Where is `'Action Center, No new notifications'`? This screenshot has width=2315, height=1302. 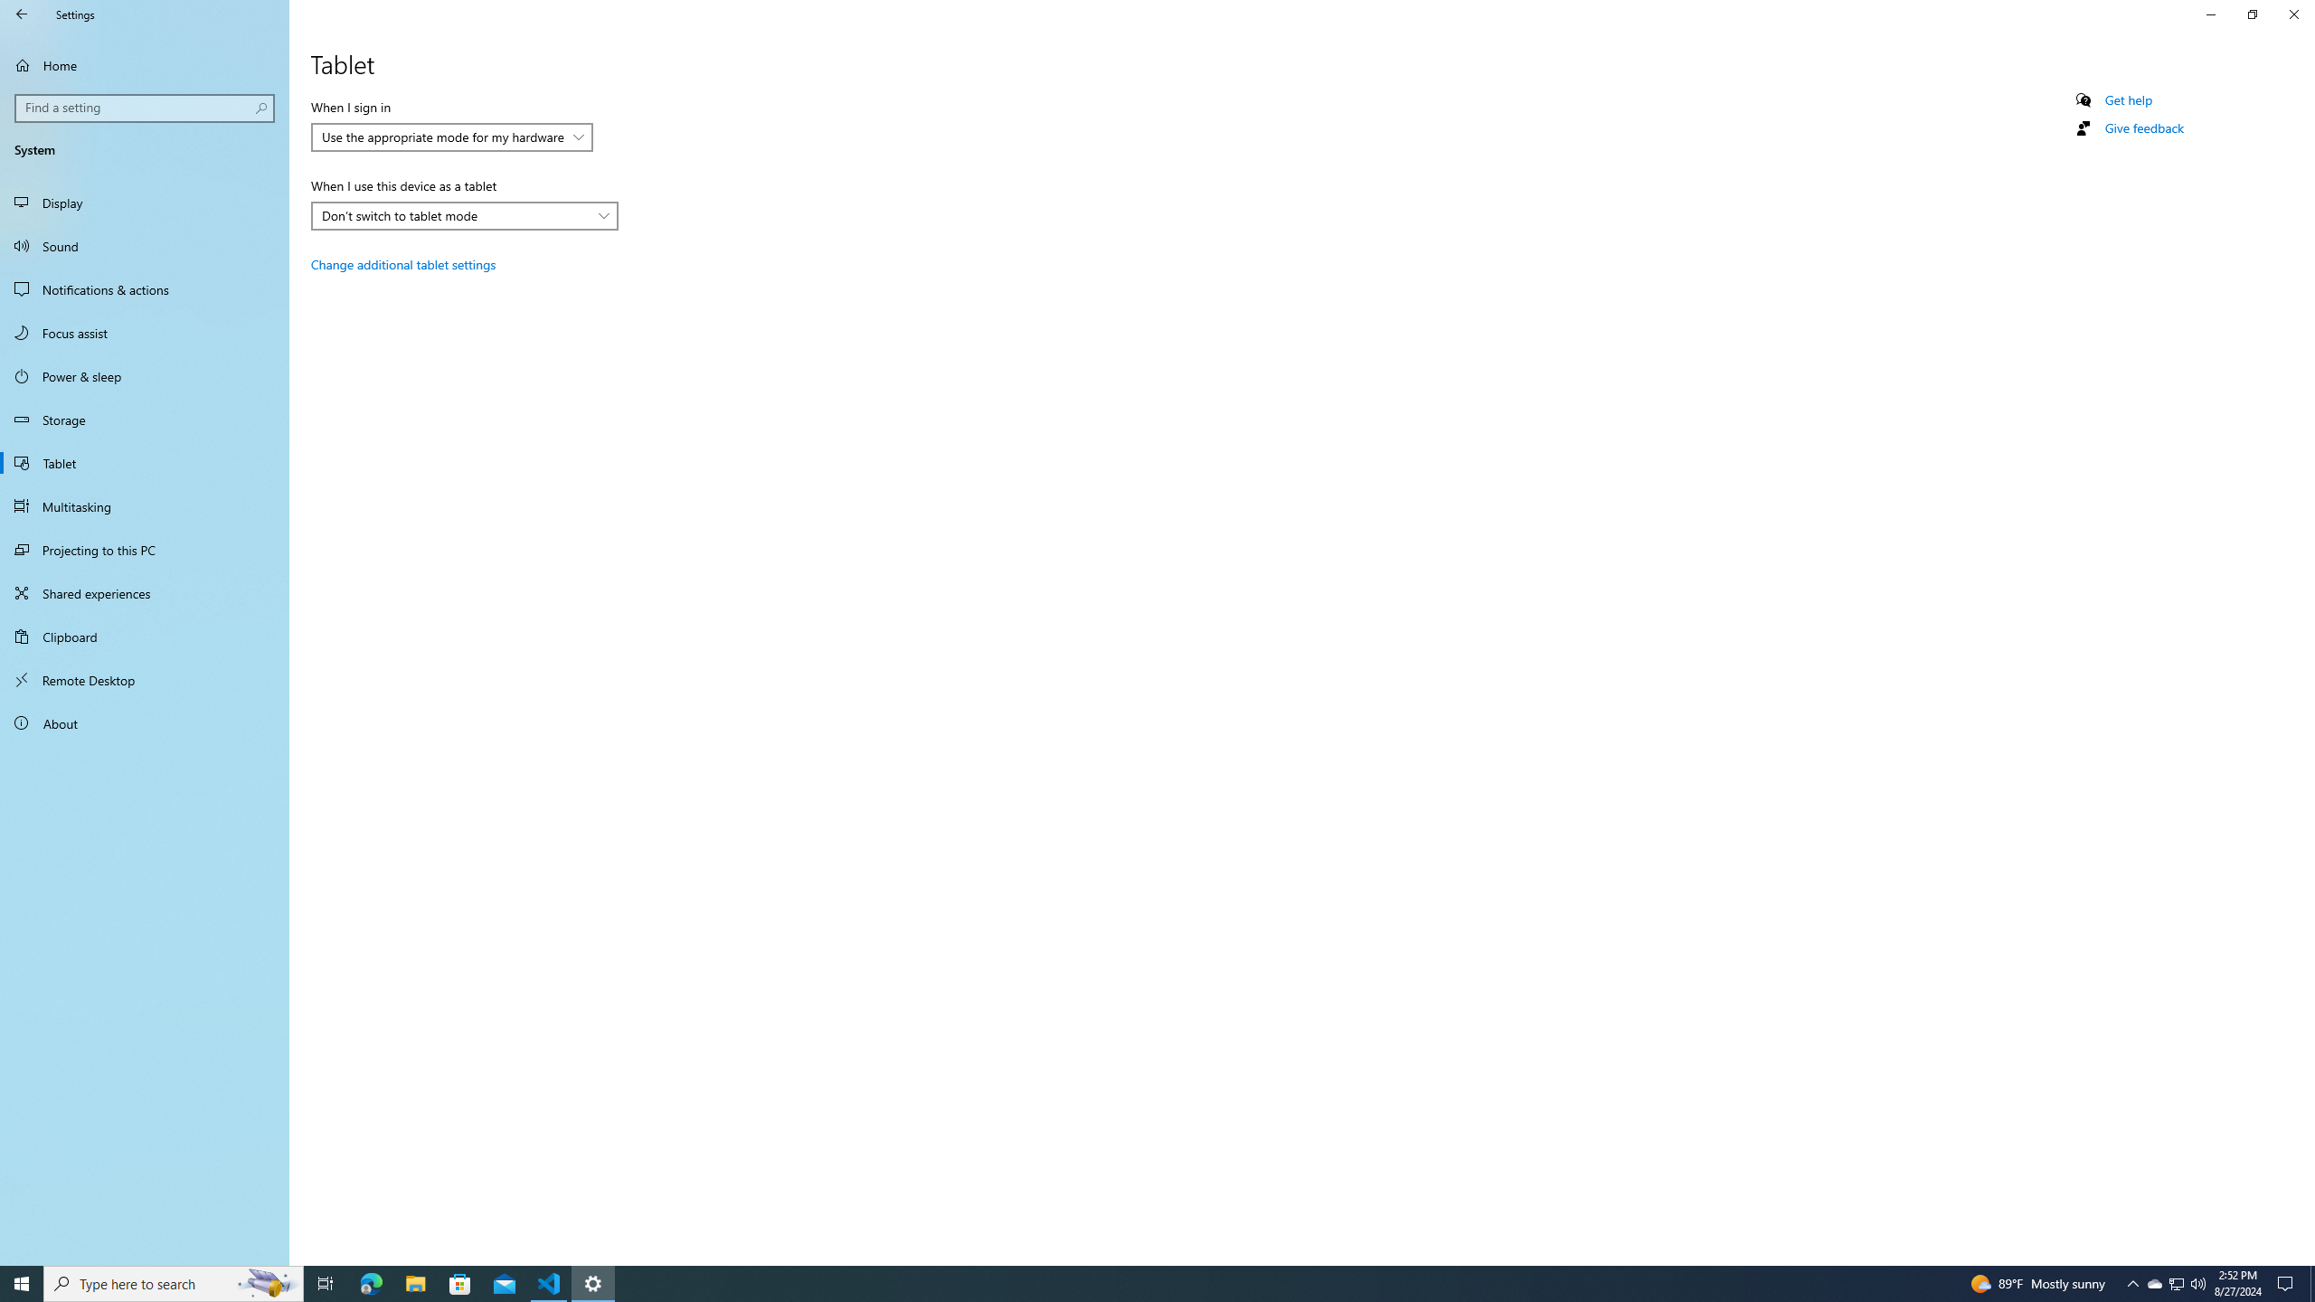
'Action Center, No new notifications' is located at coordinates (2288, 1282).